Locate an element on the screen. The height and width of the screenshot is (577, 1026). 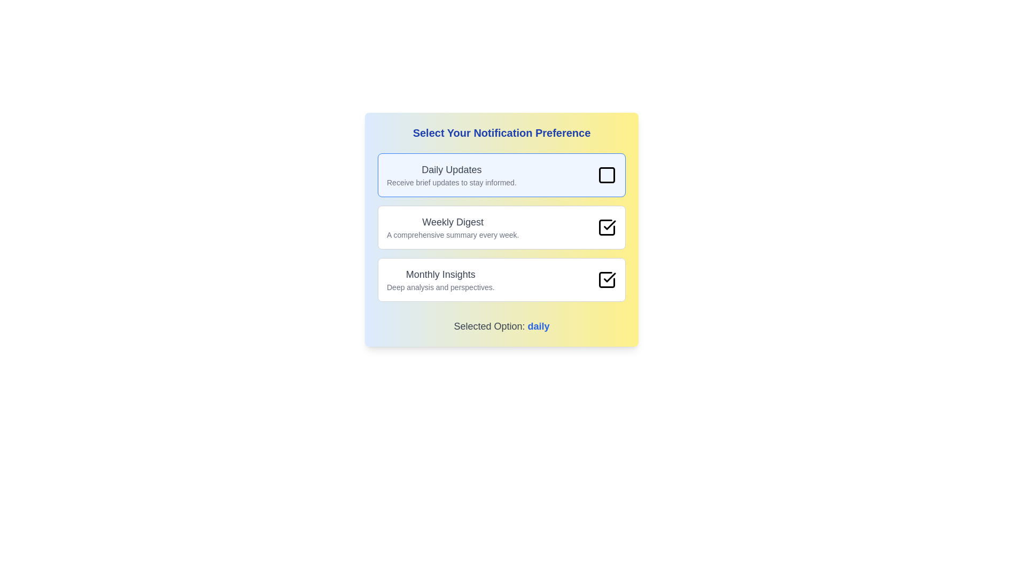
the checkbox located at the top-right section of the 'Daily Updates' option is located at coordinates (607, 174).